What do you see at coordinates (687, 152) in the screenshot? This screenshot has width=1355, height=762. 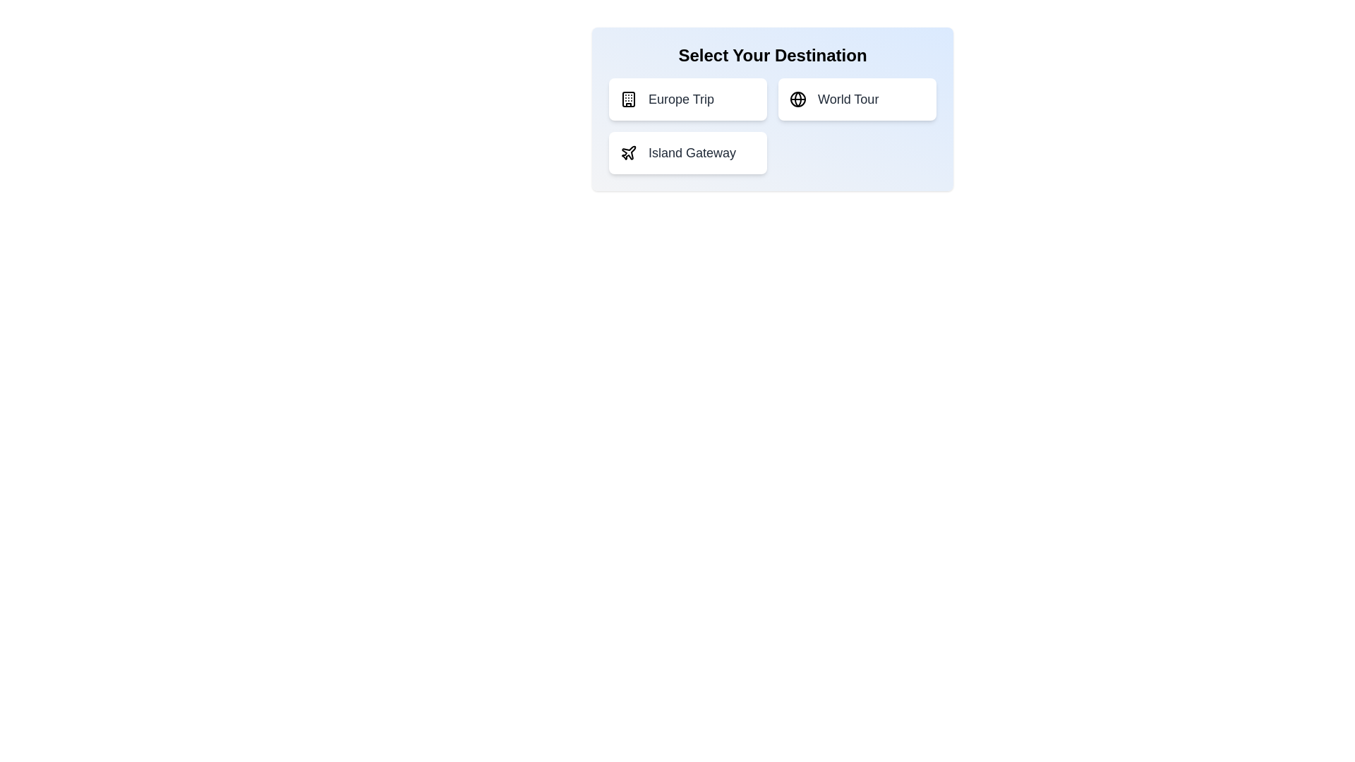 I see `the destination option Island Gateway` at bounding box center [687, 152].